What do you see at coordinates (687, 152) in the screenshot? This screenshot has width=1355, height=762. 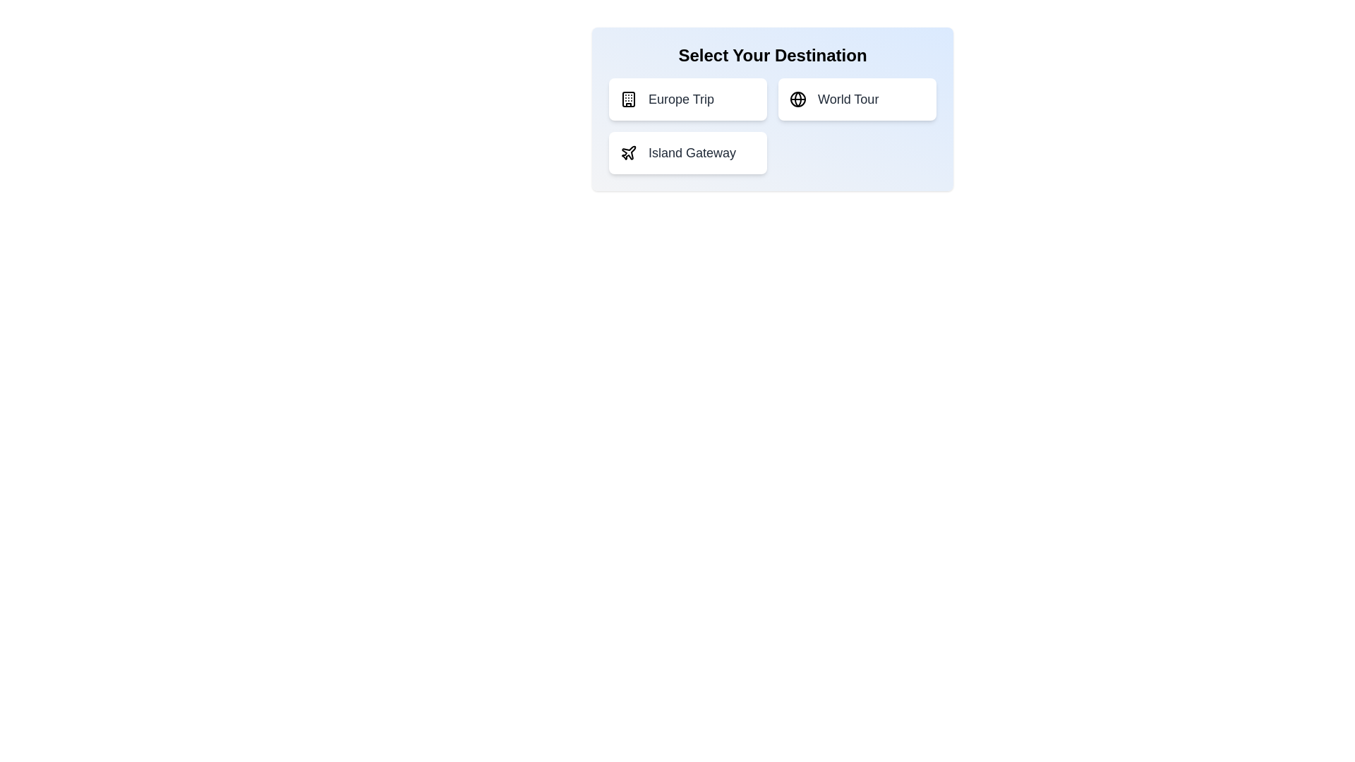 I see `the destination option Island Gateway` at bounding box center [687, 152].